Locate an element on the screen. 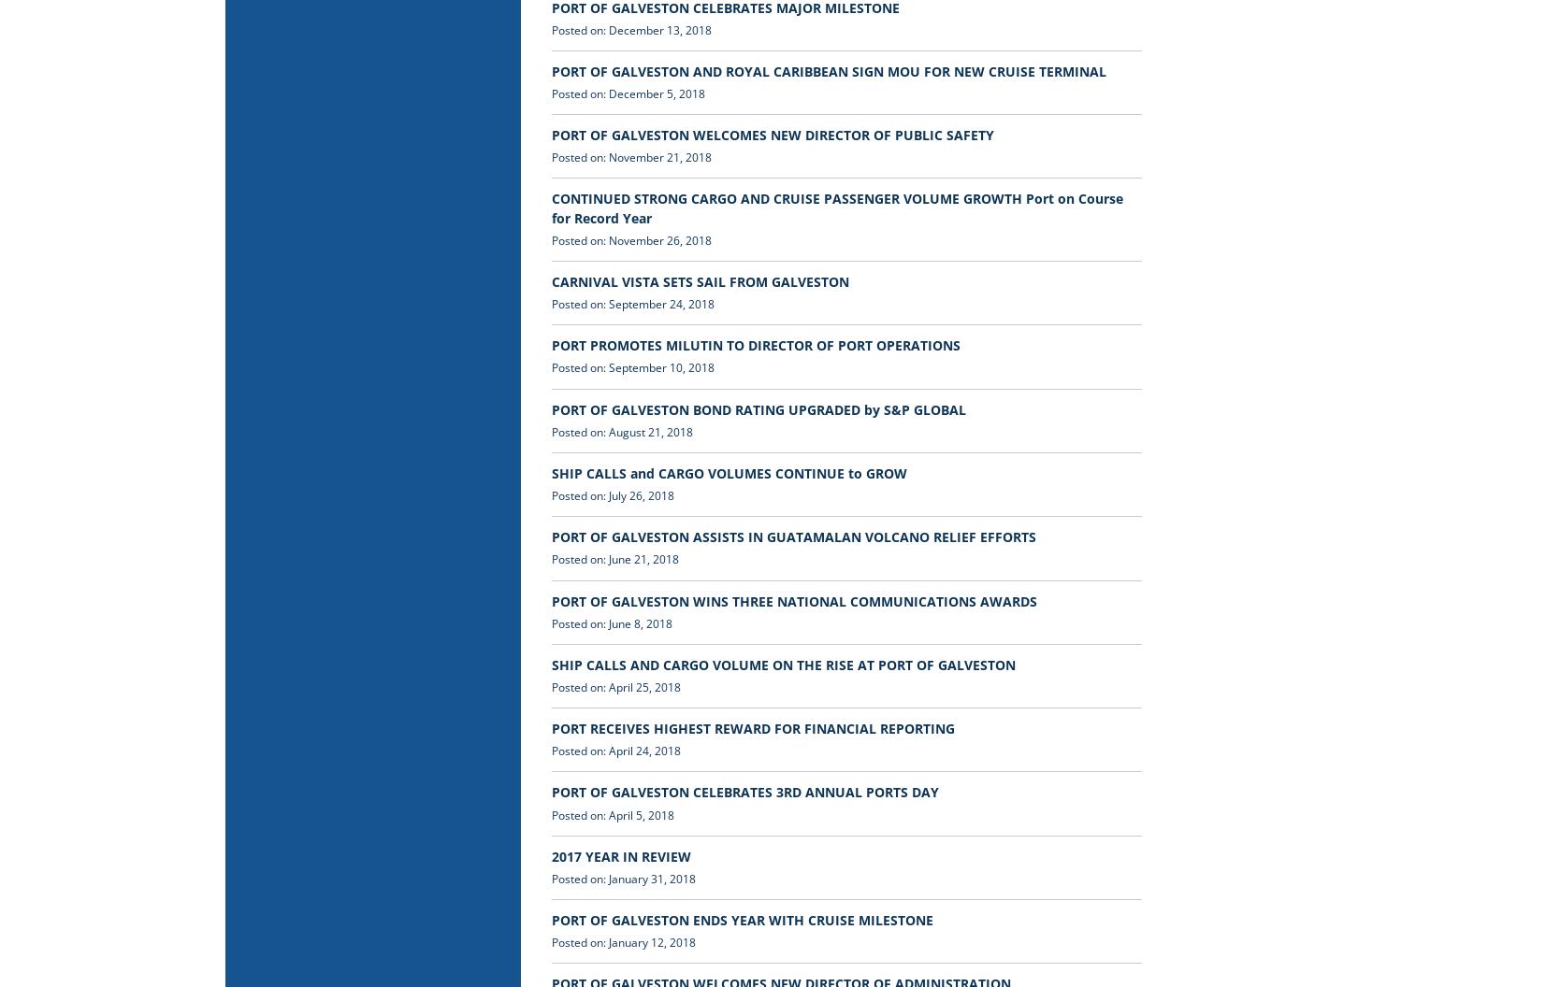 The width and height of the screenshot is (1546, 987). 'PORT OF GALVESTON AND ROYAL CARIBBEAN SIGN MOU FOR NEW CRUISE TERMINAL' is located at coordinates (829, 69).